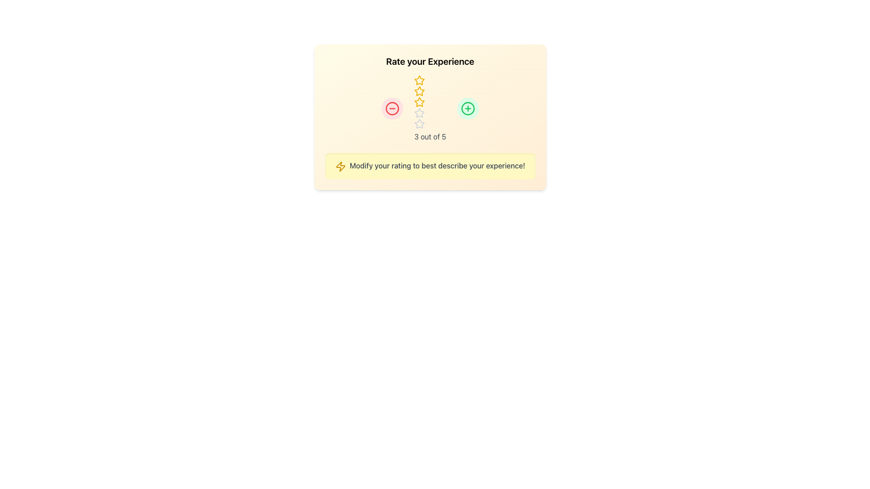 The width and height of the screenshot is (870, 489). What do you see at coordinates (468, 108) in the screenshot?
I see `the circular button with a green background and a centered plus sign` at bounding box center [468, 108].